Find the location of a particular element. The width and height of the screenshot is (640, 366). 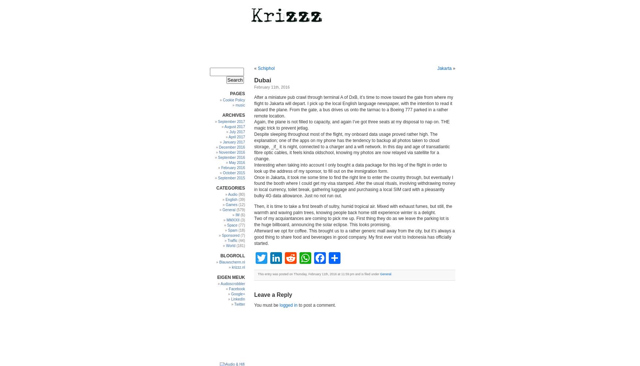

'December 2016' is located at coordinates (231, 147).